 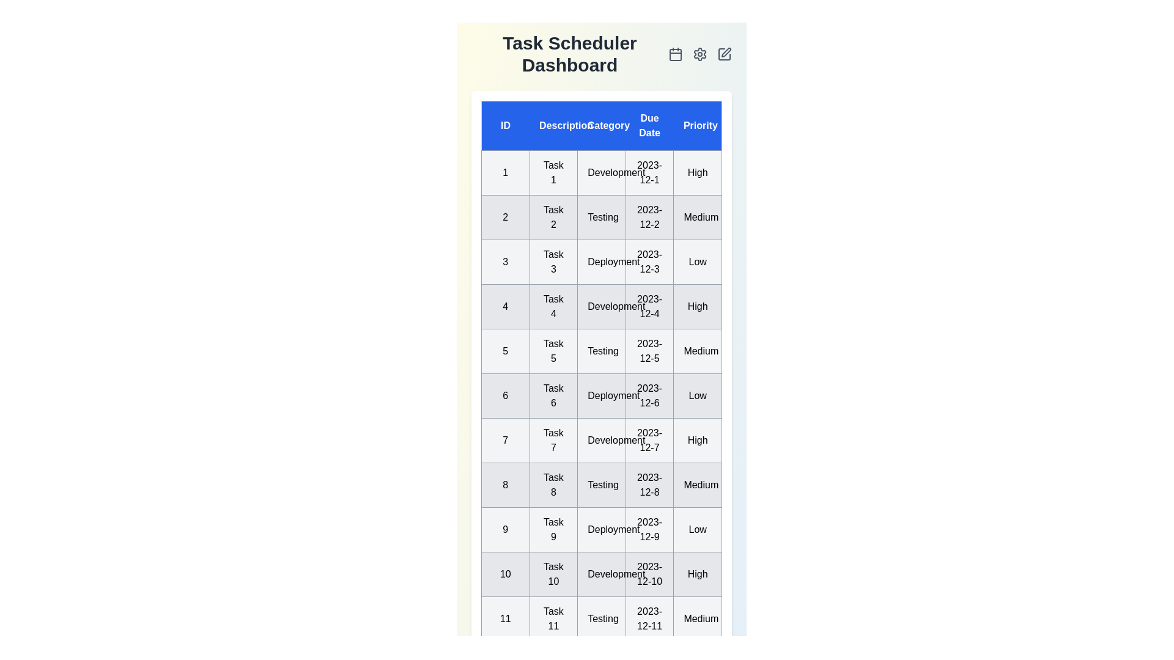 I want to click on the column header 'Description' to sort the tasks by that column, so click(x=553, y=125).